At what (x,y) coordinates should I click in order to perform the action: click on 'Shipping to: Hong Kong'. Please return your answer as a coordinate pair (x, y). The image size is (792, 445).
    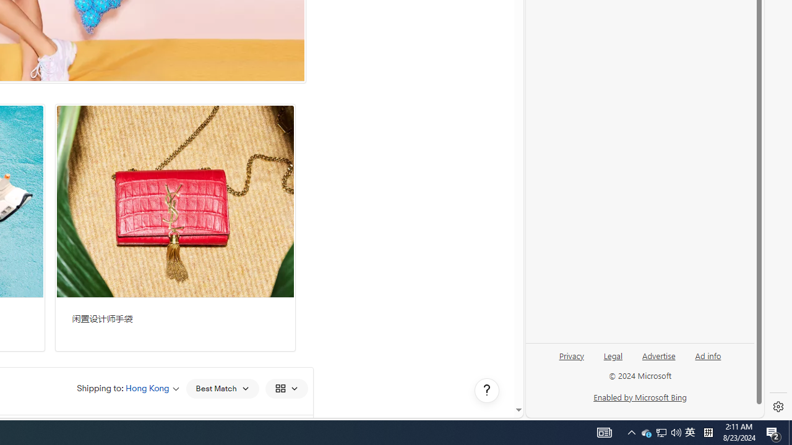
    Looking at the image, I should click on (128, 388).